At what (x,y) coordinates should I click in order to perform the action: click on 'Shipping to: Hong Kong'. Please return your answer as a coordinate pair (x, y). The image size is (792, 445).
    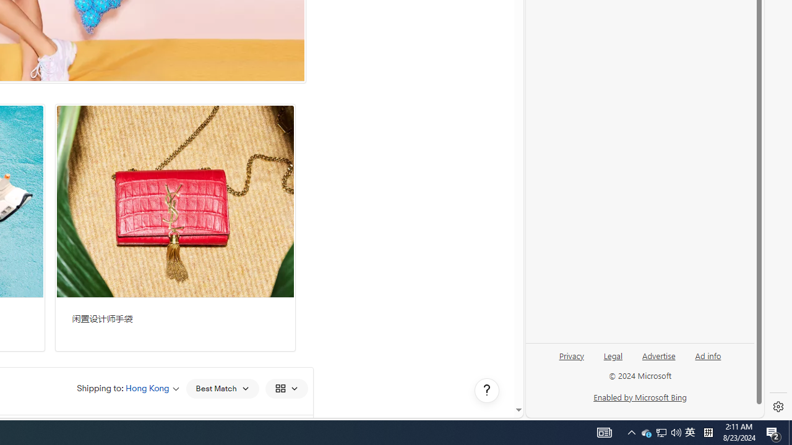
    Looking at the image, I should click on (128, 388).